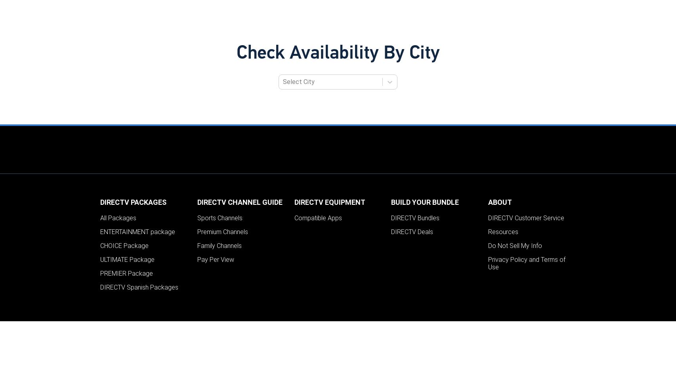 The width and height of the screenshot is (676, 366). What do you see at coordinates (337, 53) in the screenshot?
I see `'Check Availability By City'` at bounding box center [337, 53].